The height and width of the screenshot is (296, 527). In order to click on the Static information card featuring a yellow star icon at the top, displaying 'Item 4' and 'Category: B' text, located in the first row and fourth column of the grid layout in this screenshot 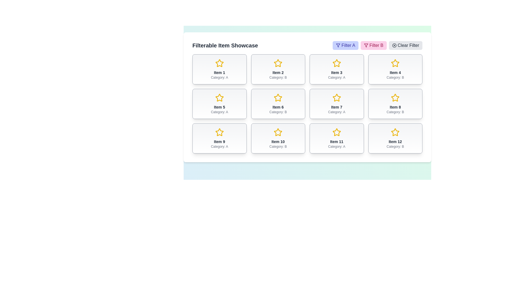, I will do `click(395, 69)`.